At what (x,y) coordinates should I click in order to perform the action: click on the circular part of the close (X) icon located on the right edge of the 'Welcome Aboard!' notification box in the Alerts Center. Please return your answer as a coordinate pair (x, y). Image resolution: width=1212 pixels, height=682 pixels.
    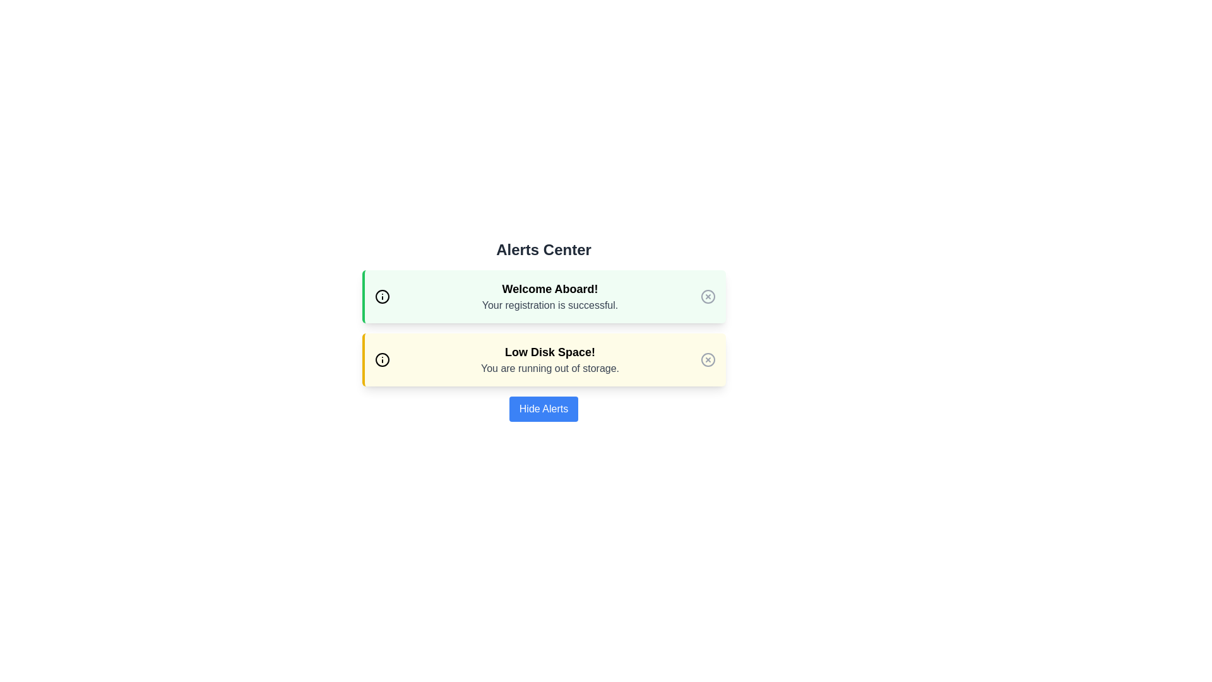
    Looking at the image, I should click on (708, 297).